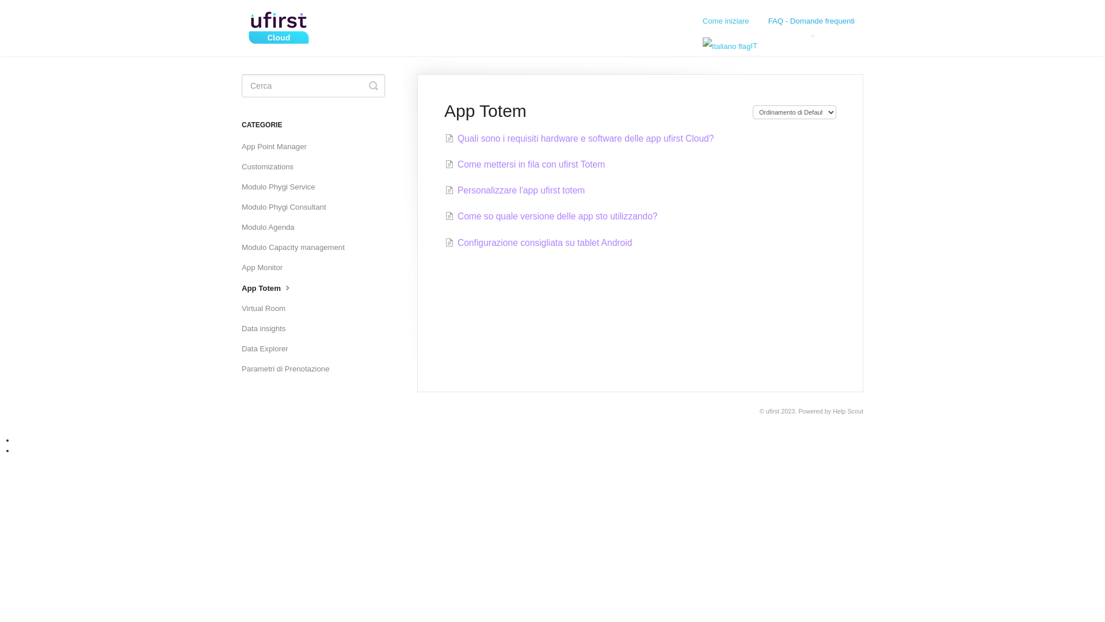 The image size is (1105, 622). I want to click on 'Virtual Room', so click(267, 308).